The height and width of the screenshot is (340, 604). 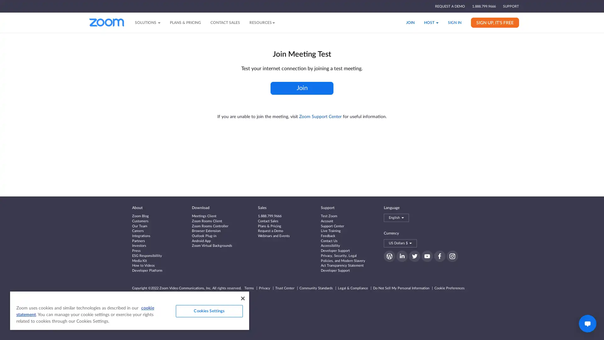 I want to click on Join, so click(x=302, y=88).